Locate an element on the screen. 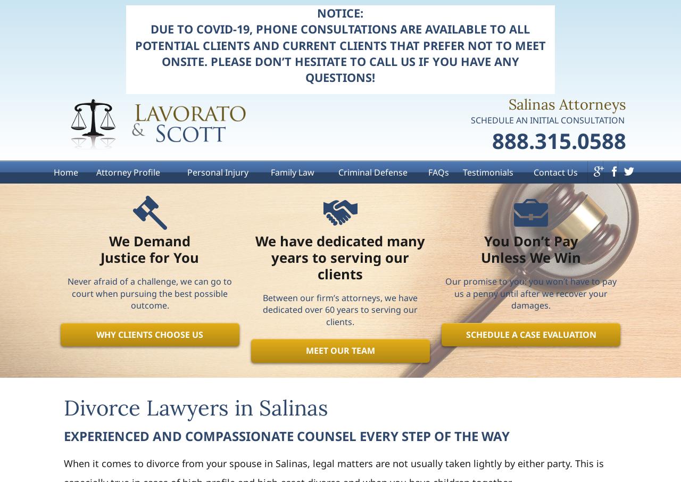 The height and width of the screenshot is (482, 681). 'FAQs' is located at coordinates (438, 186).